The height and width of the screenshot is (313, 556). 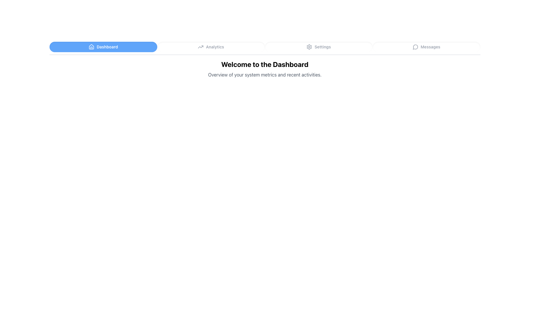 I want to click on the meaning of the text label for the navigation button located, so click(x=430, y=47).